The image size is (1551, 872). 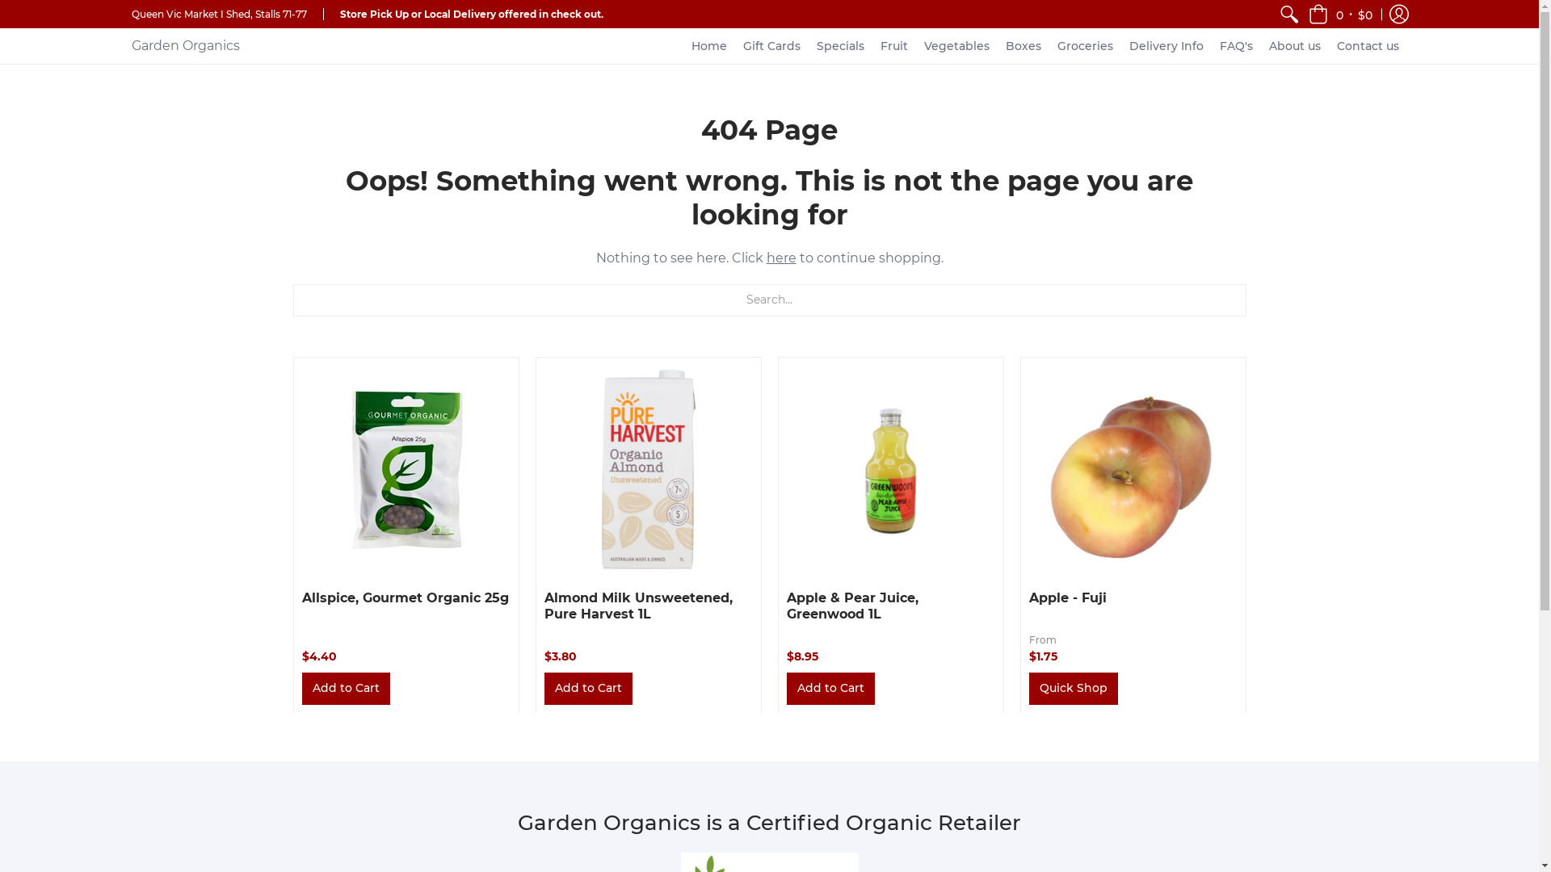 What do you see at coordinates (1132, 469) in the screenshot?
I see `'Buy Apple - Fuji'` at bounding box center [1132, 469].